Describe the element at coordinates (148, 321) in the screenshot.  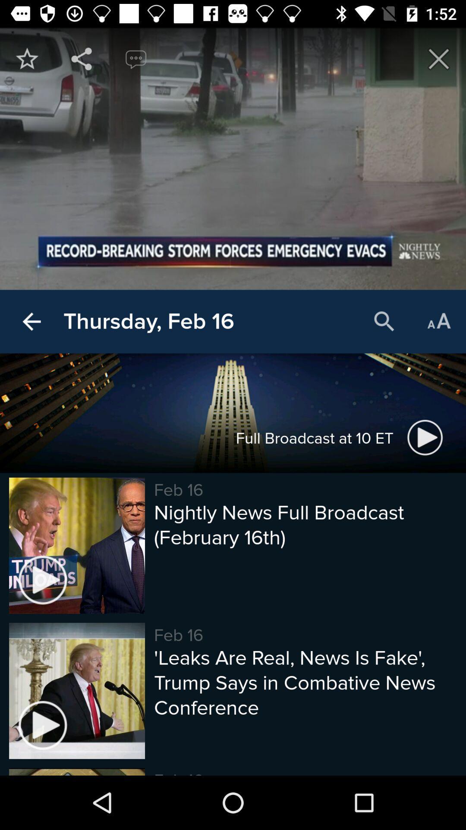
I see `thursday, feb 16` at that location.